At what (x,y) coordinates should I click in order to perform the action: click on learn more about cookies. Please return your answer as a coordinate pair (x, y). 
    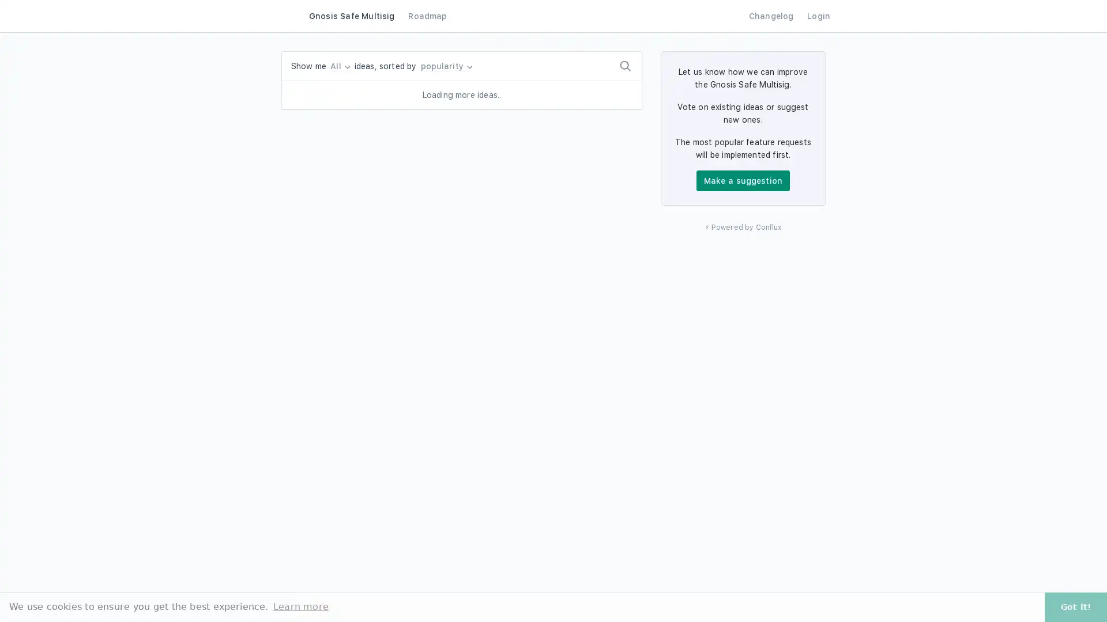
    Looking at the image, I should click on (300, 606).